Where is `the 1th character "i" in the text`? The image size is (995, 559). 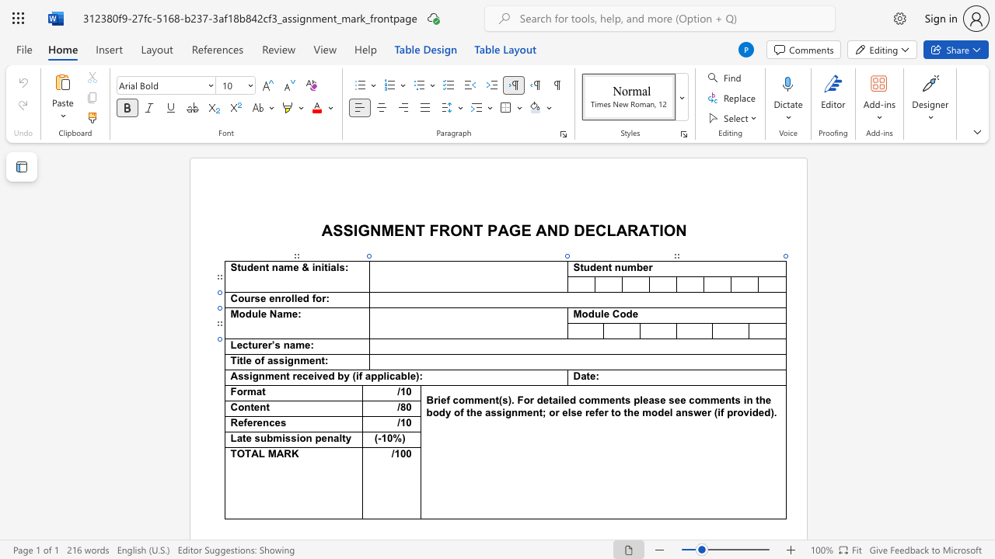 the 1th character "i" in the text is located at coordinates (250, 376).